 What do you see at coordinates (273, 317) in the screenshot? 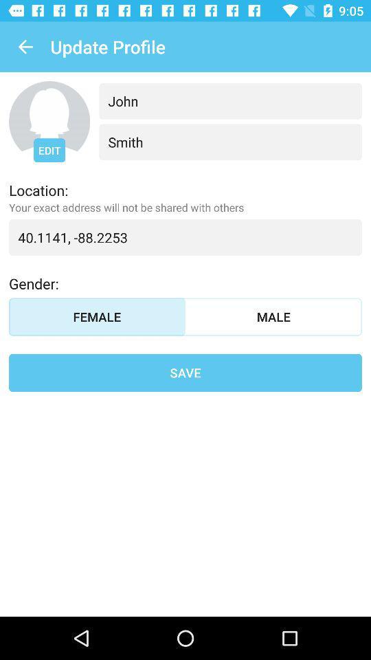
I see `the item above the save item` at bounding box center [273, 317].